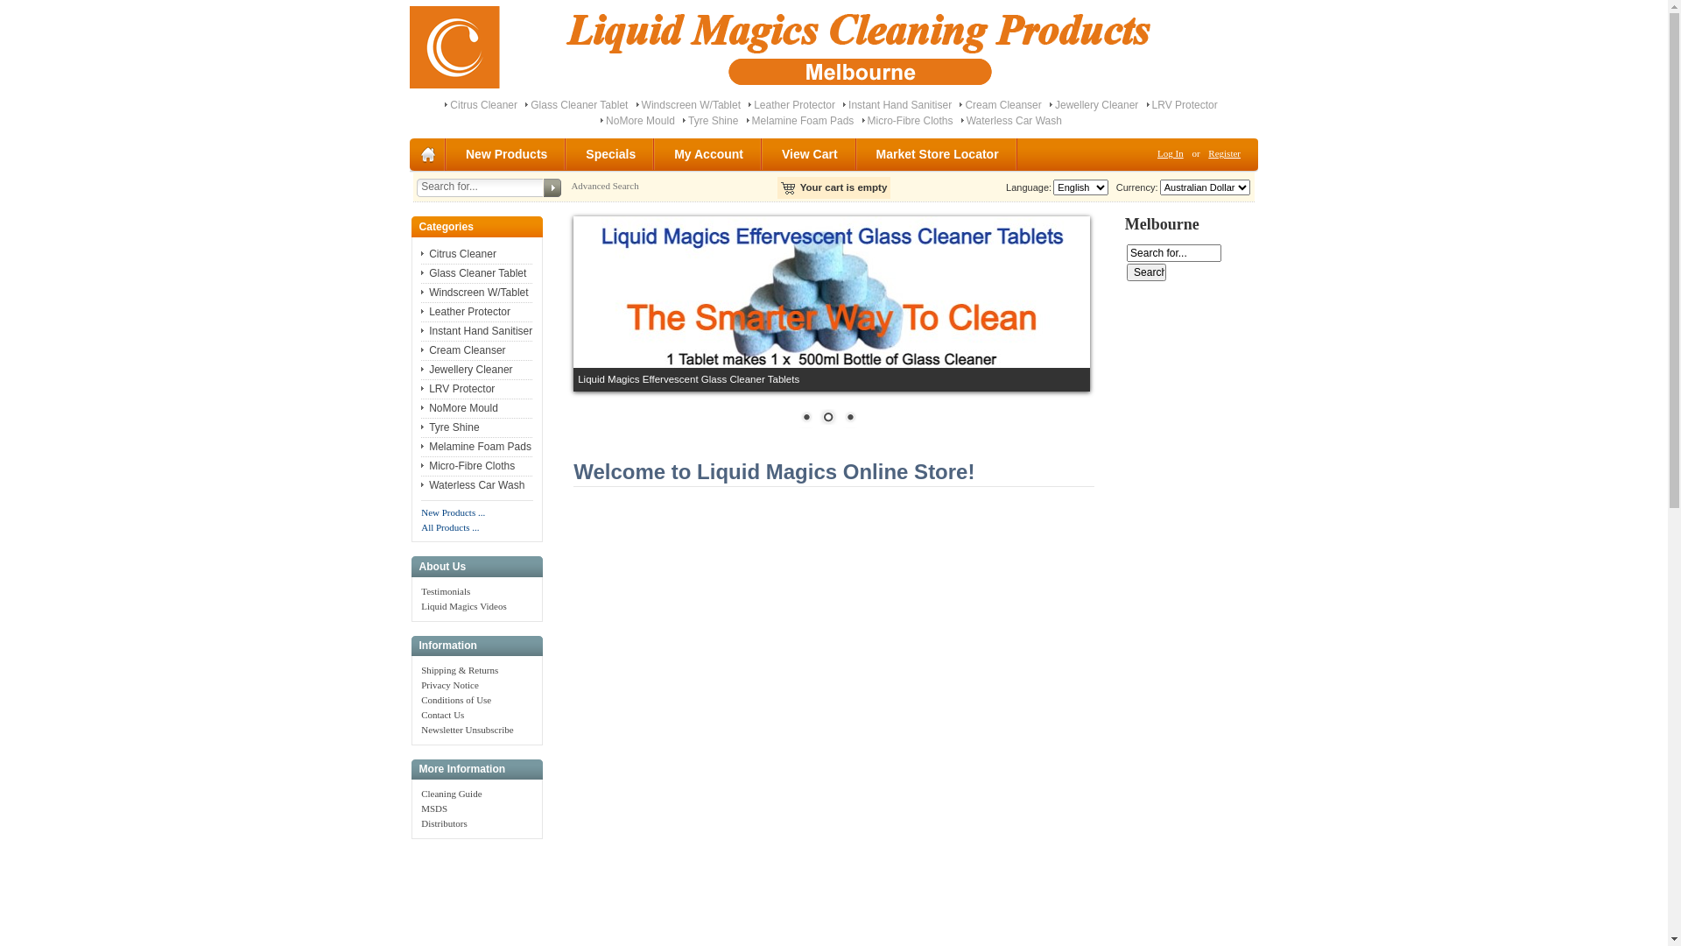  Describe the element at coordinates (604, 186) in the screenshot. I see `'Advanced Search'` at that location.